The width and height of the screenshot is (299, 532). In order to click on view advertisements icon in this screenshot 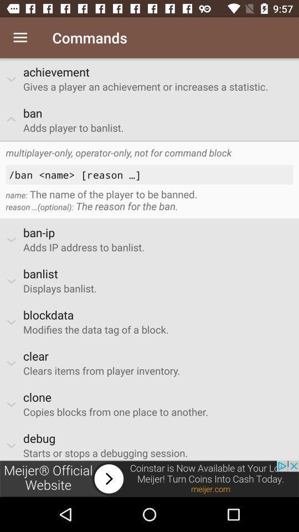, I will do `click(149, 478)`.